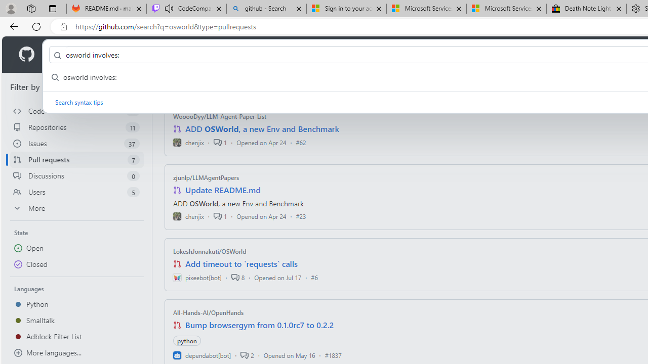  Describe the element at coordinates (300, 215) in the screenshot. I see `'#23'` at that location.